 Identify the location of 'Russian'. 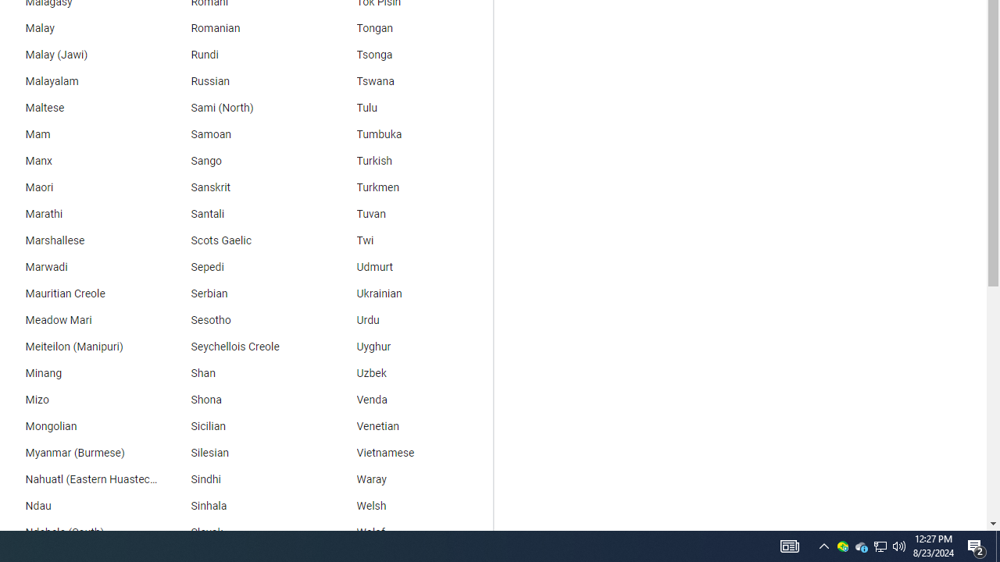
(243, 82).